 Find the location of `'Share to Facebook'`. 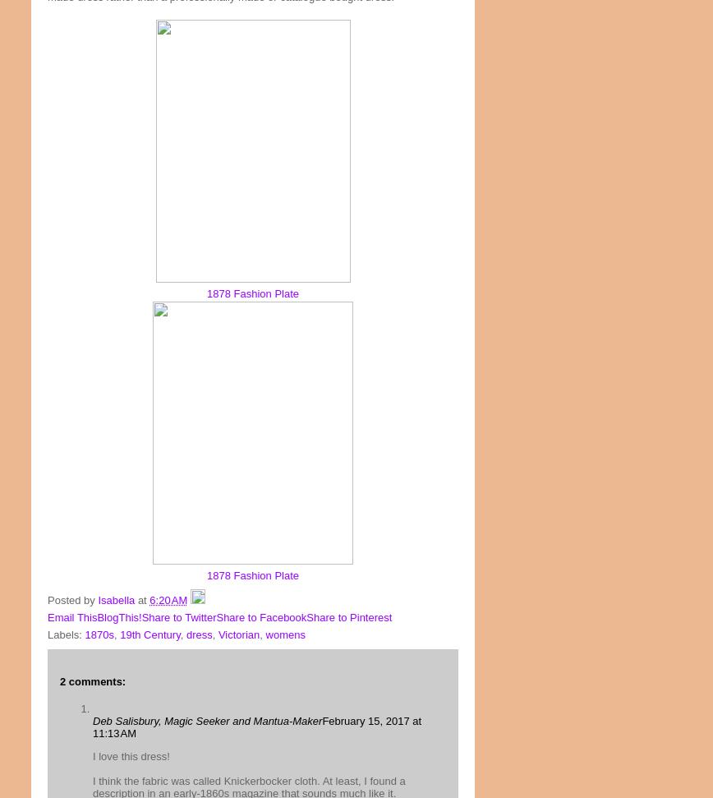

'Share to Facebook' is located at coordinates (261, 616).